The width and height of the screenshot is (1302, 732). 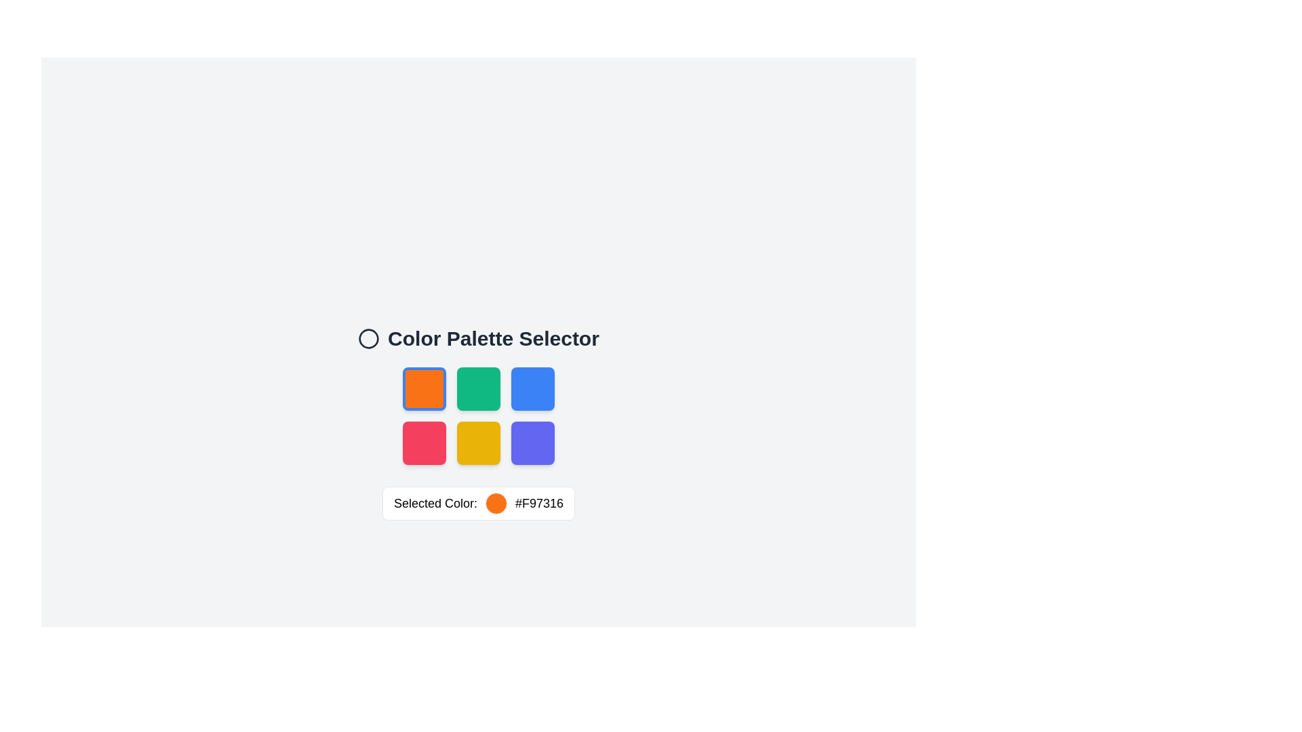 What do you see at coordinates (423, 389) in the screenshot?
I see `the top-left orange button with a blue border in the Color Palette Selector` at bounding box center [423, 389].